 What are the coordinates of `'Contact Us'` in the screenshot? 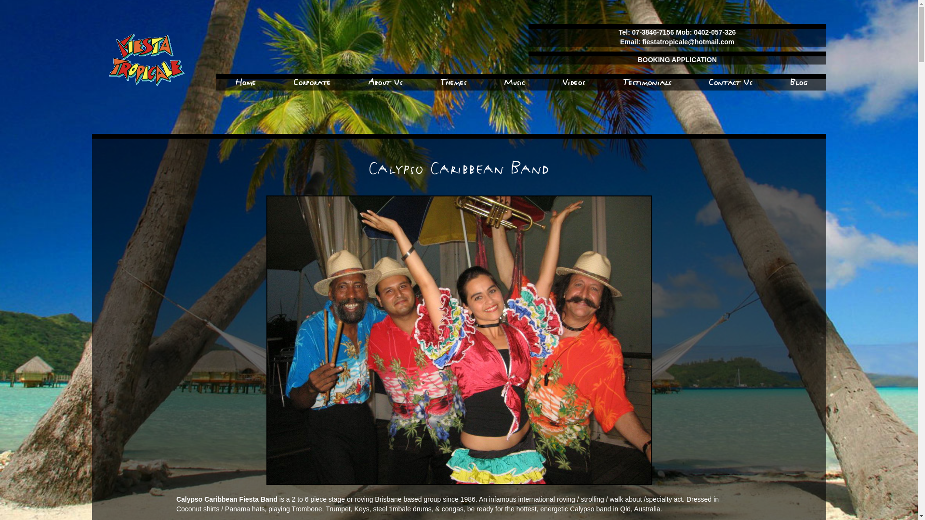 It's located at (730, 81).